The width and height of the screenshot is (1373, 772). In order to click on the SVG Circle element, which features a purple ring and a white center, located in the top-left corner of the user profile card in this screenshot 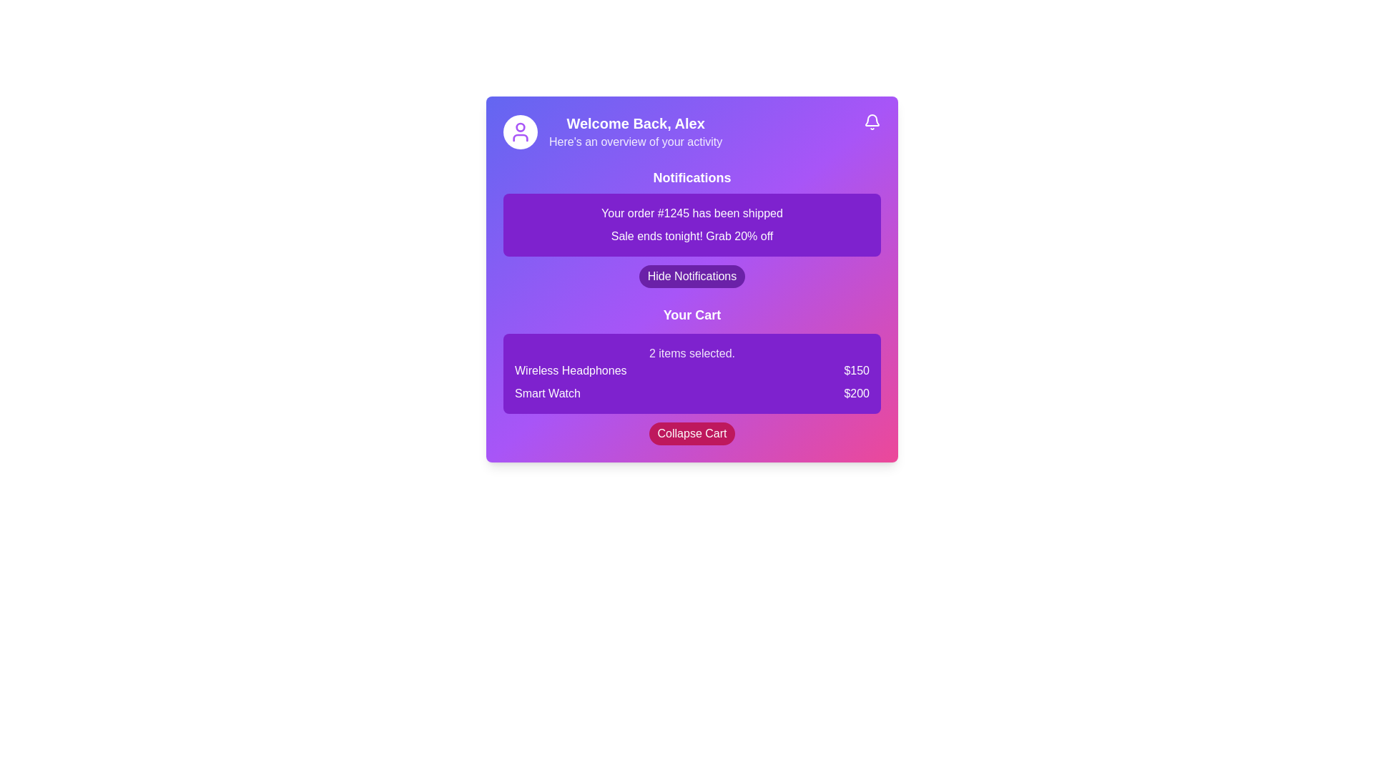, I will do `click(520, 126)`.